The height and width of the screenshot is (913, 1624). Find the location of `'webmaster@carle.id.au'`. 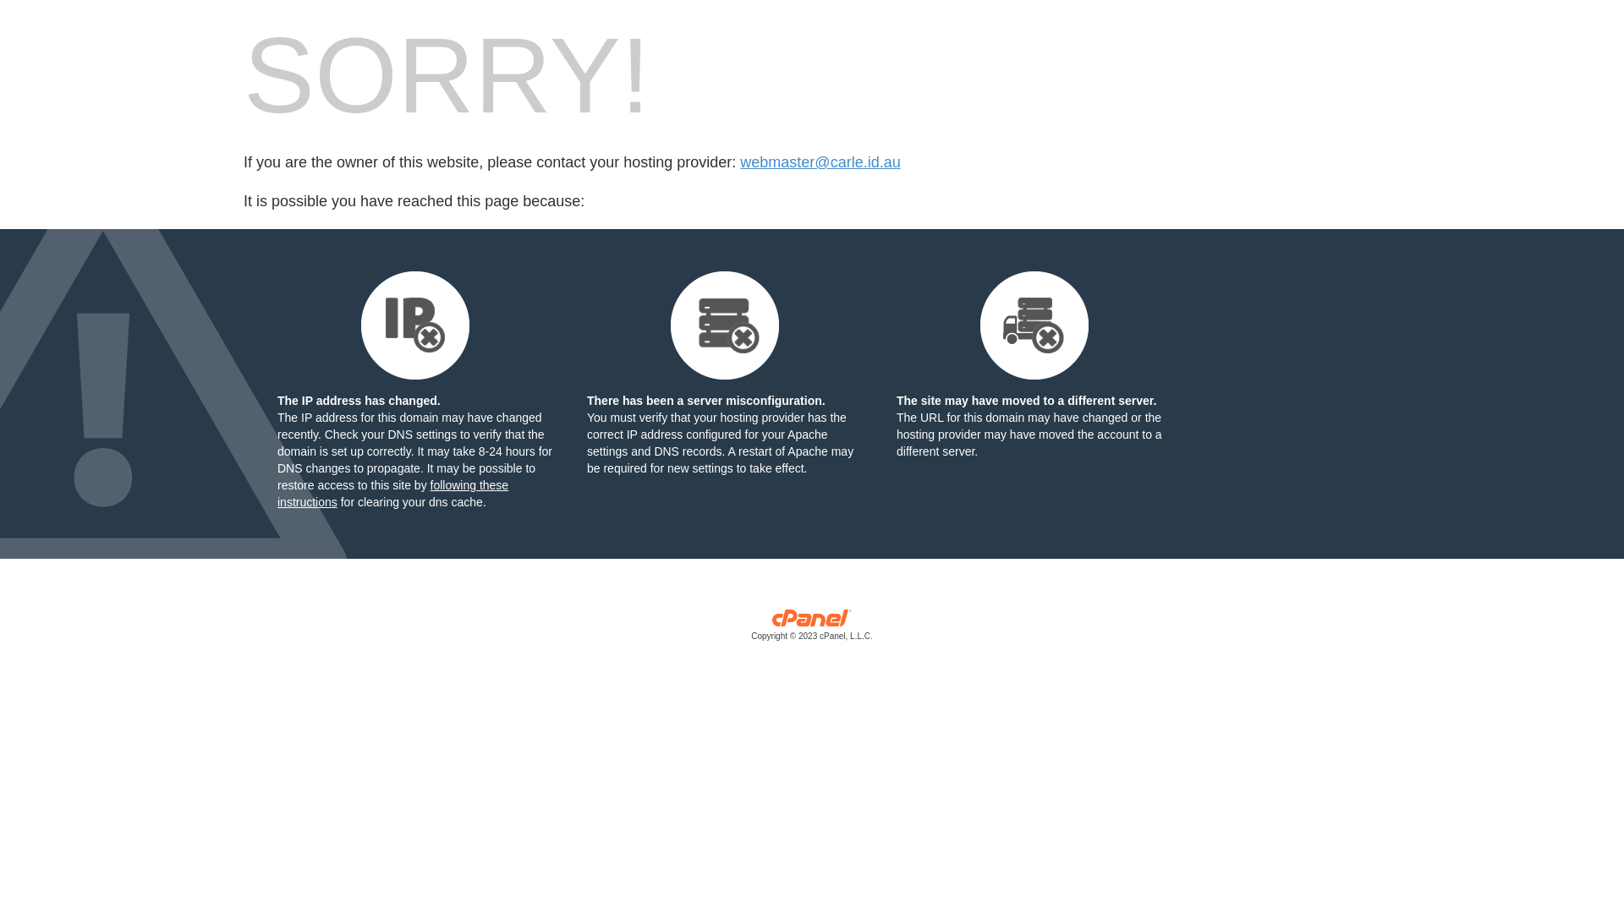

'webmaster@carle.id.au' is located at coordinates (820, 162).